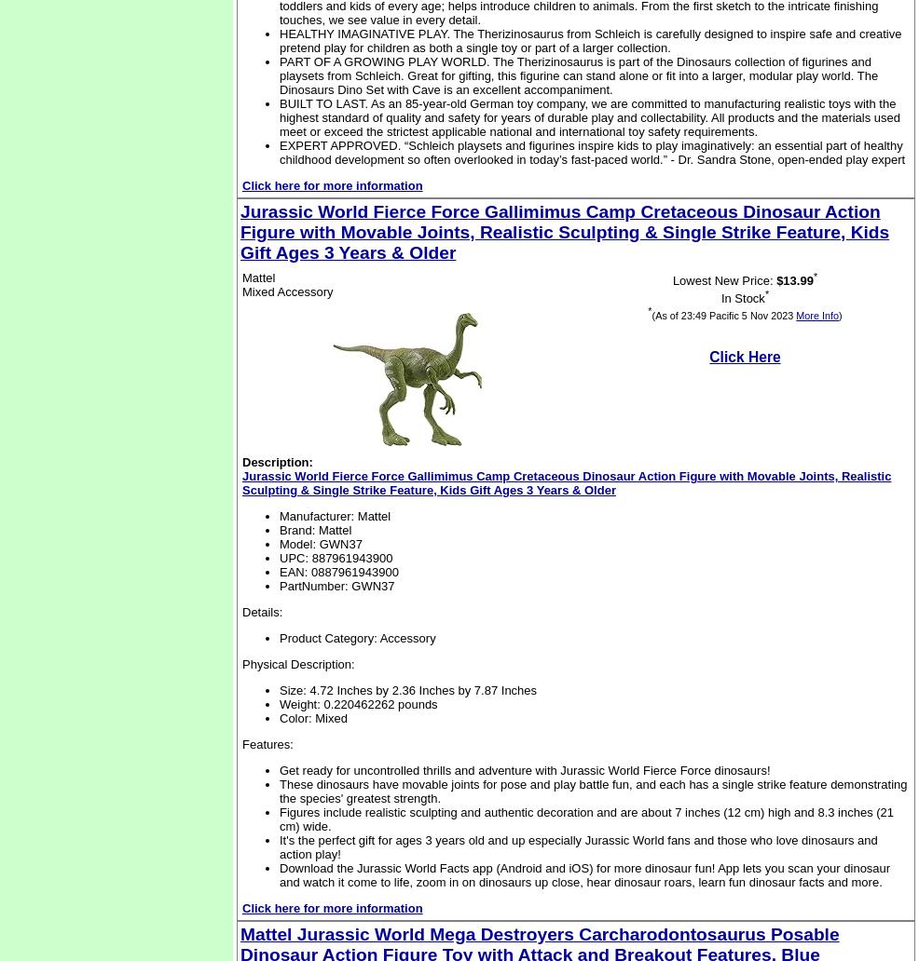 Image resolution: width=919 pixels, height=961 pixels. Describe the element at coordinates (258, 277) in the screenshot. I see `'Mattel'` at that location.